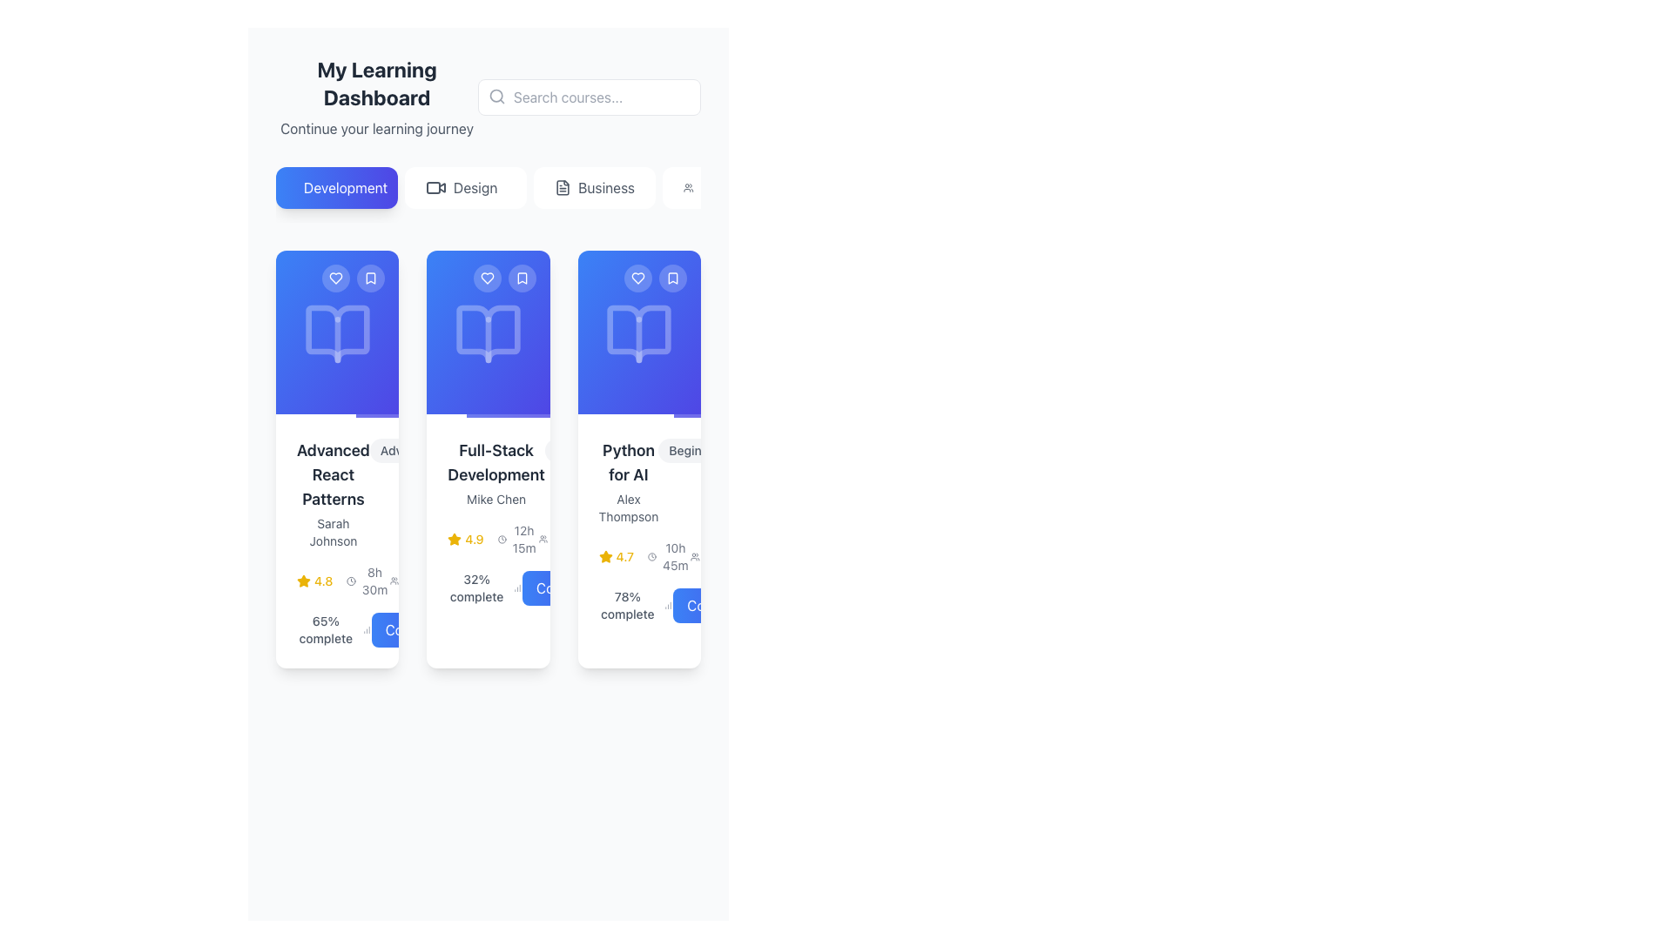  I want to click on the text label indicating the user rating of the course 'Full-Stack Development', which is located in the lower section of the course details card, next to a star icon, so click(475, 539).